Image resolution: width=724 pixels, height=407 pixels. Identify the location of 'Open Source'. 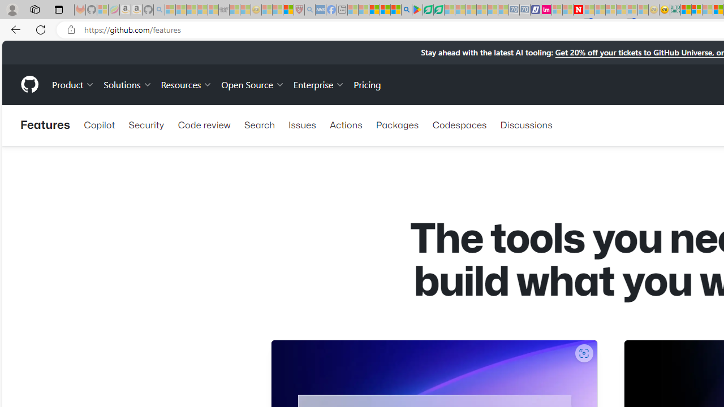
(252, 84).